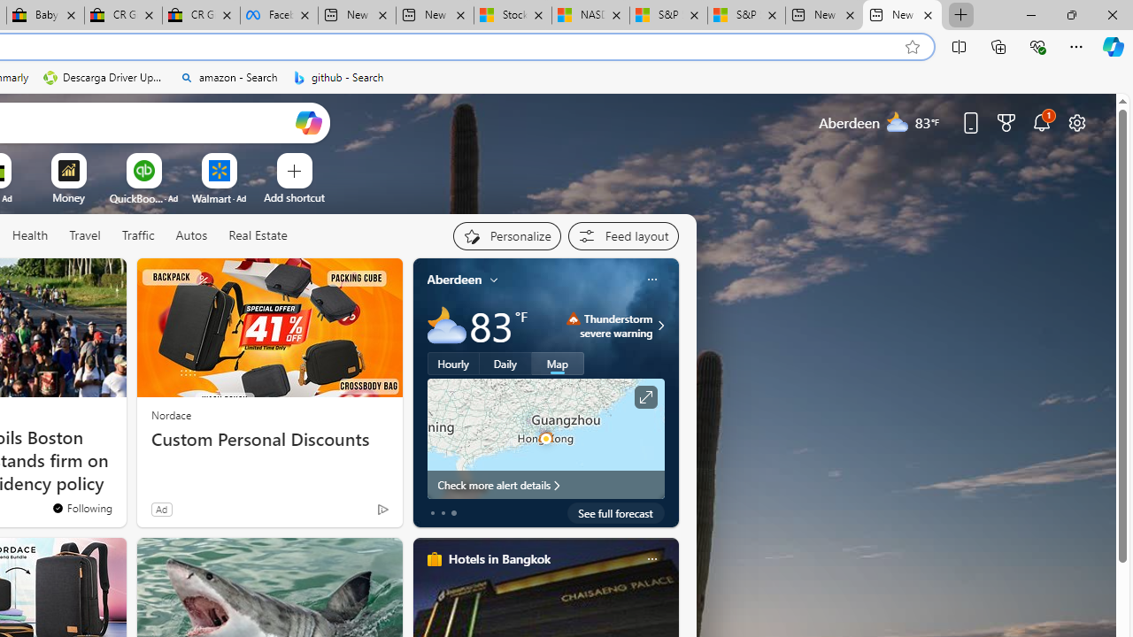 The width and height of the screenshot is (1133, 637). I want to click on 'Page settings', so click(1075, 121).